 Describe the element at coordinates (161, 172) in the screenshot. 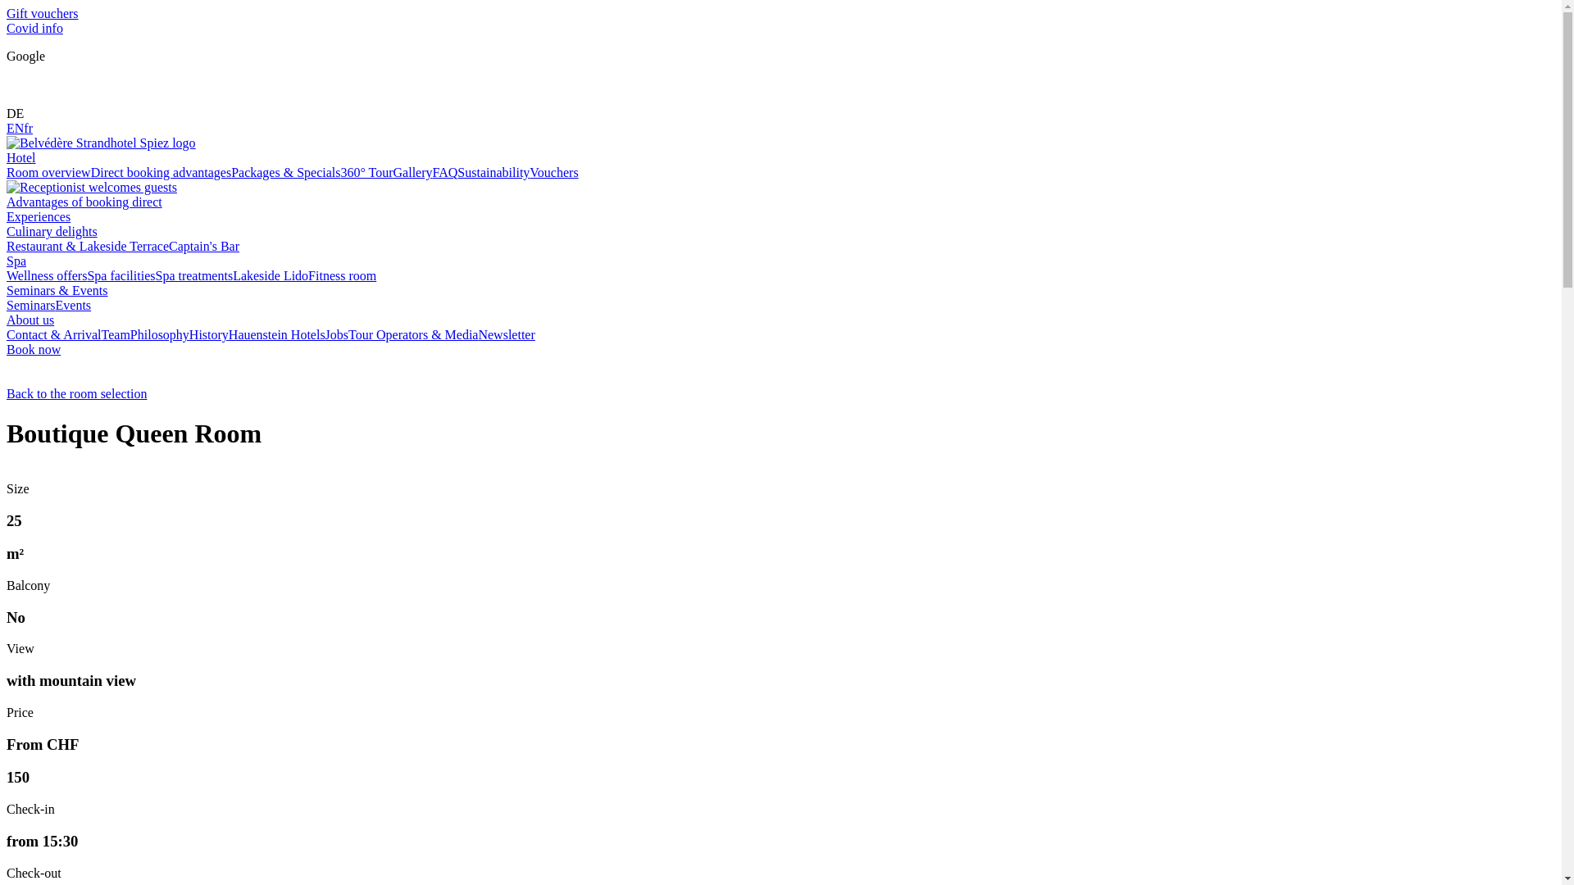

I see `'Direct booking advantages'` at that location.